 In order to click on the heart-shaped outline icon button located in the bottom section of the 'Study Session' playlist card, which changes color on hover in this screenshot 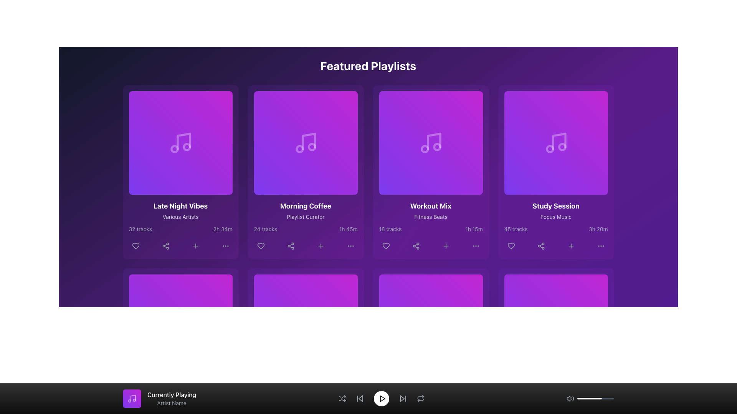, I will do `click(511, 246)`.